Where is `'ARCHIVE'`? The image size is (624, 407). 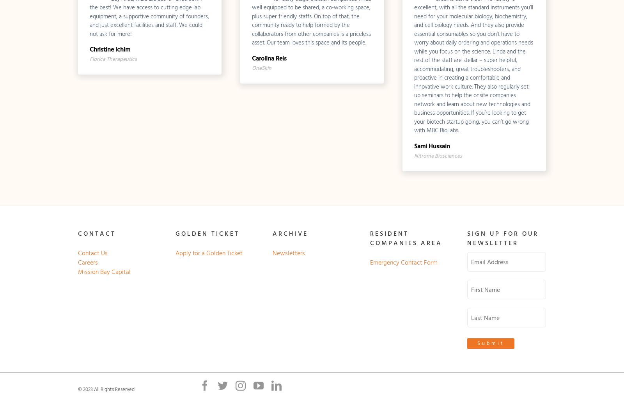
'ARCHIVE' is located at coordinates (290, 233).